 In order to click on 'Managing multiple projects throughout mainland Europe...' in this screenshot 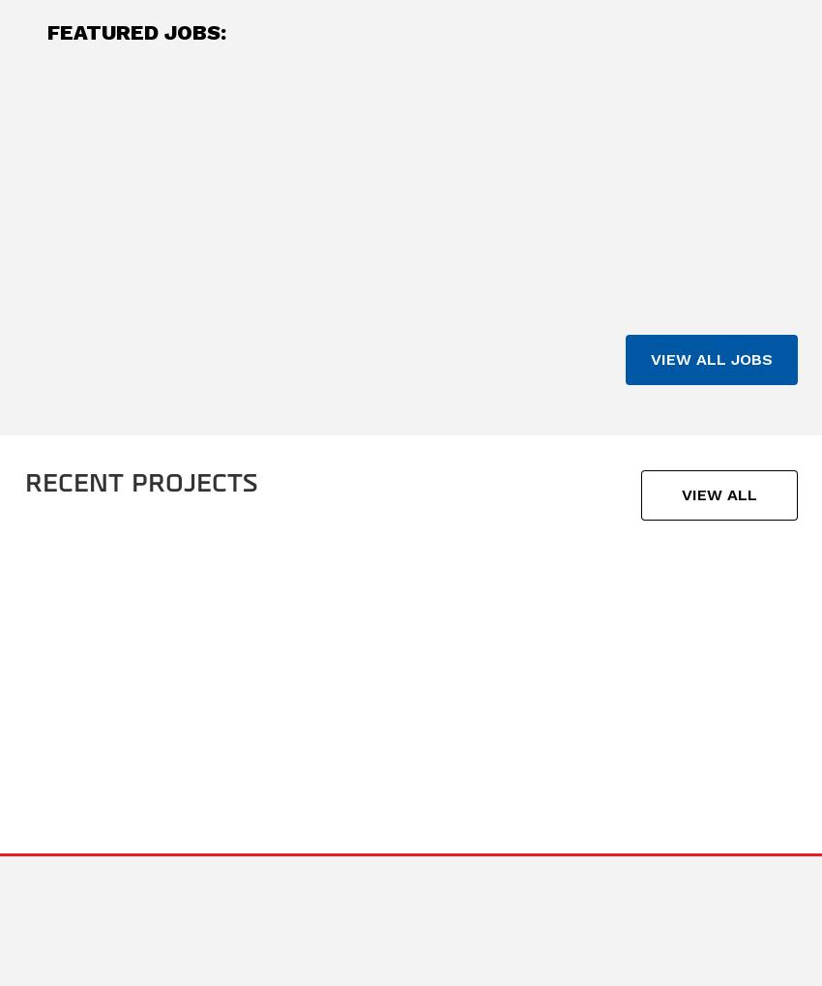, I will do `click(569, 251)`.